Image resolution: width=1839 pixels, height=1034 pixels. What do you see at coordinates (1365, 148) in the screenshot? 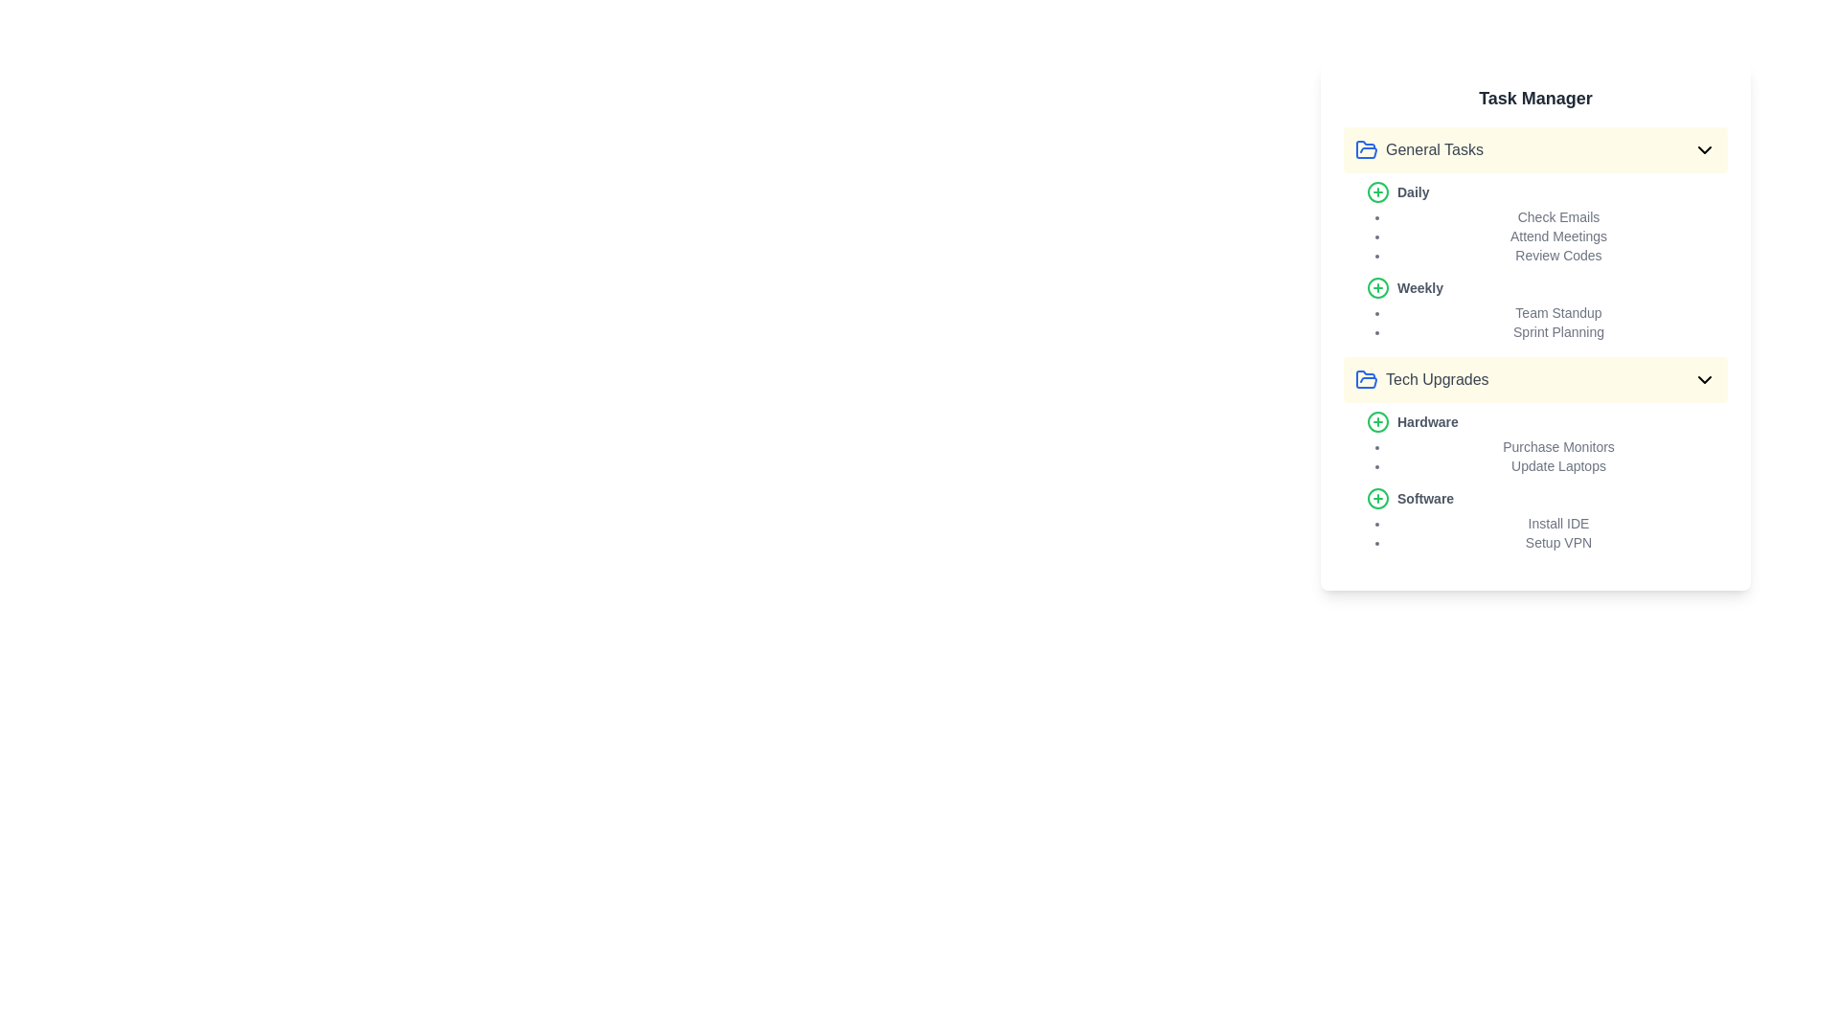
I see `the folder icon with a blue outline located to the left of the 'General Tasks' text label in the 'General Tasks' section header` at bounding box center [1365, 148].